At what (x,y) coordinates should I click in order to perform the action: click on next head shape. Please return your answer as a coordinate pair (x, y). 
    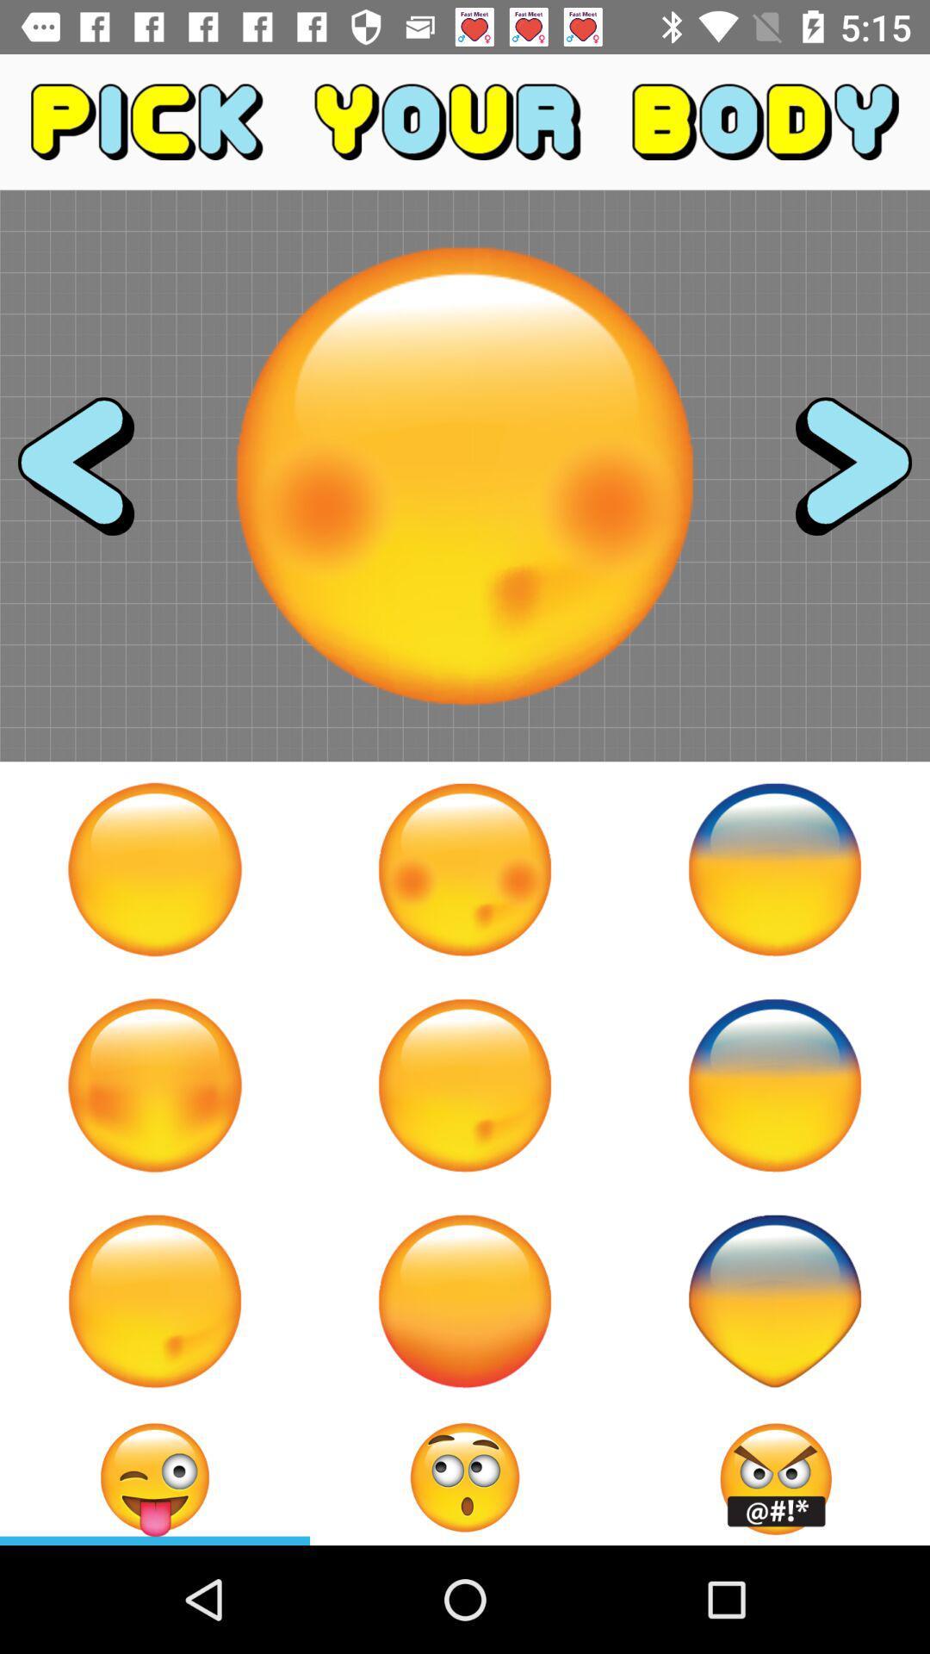
    Looking at the image, I should click on (837, 476).